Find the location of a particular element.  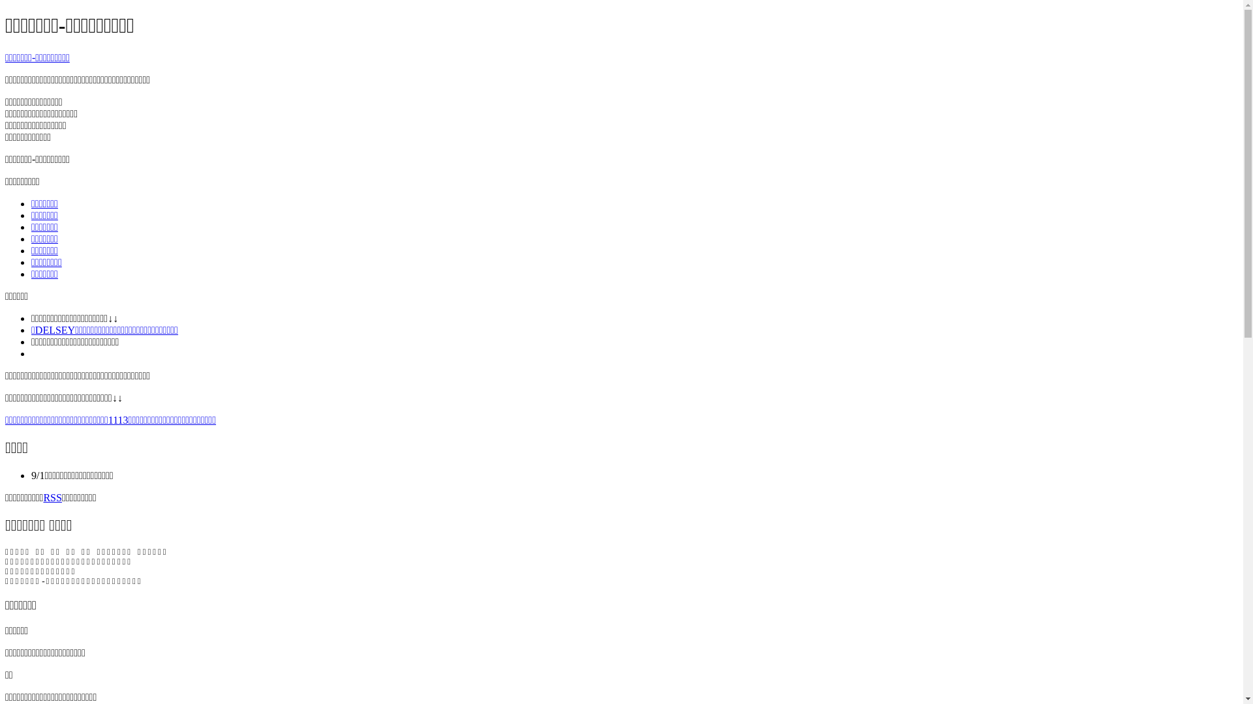

'RSS' is located at coordinates (52, 497).